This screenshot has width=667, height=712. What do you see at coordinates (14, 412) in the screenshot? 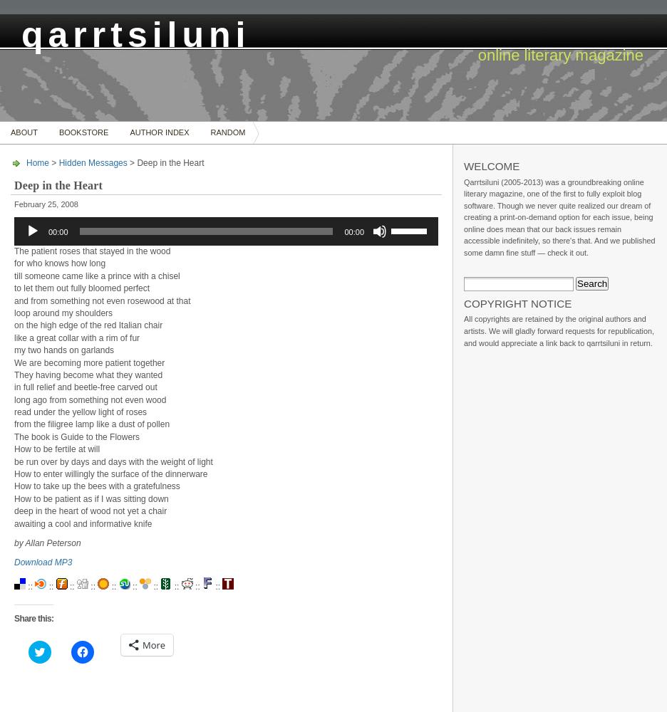
I see `'read under the yellow light of roses'` at bounding box center [14, 412].